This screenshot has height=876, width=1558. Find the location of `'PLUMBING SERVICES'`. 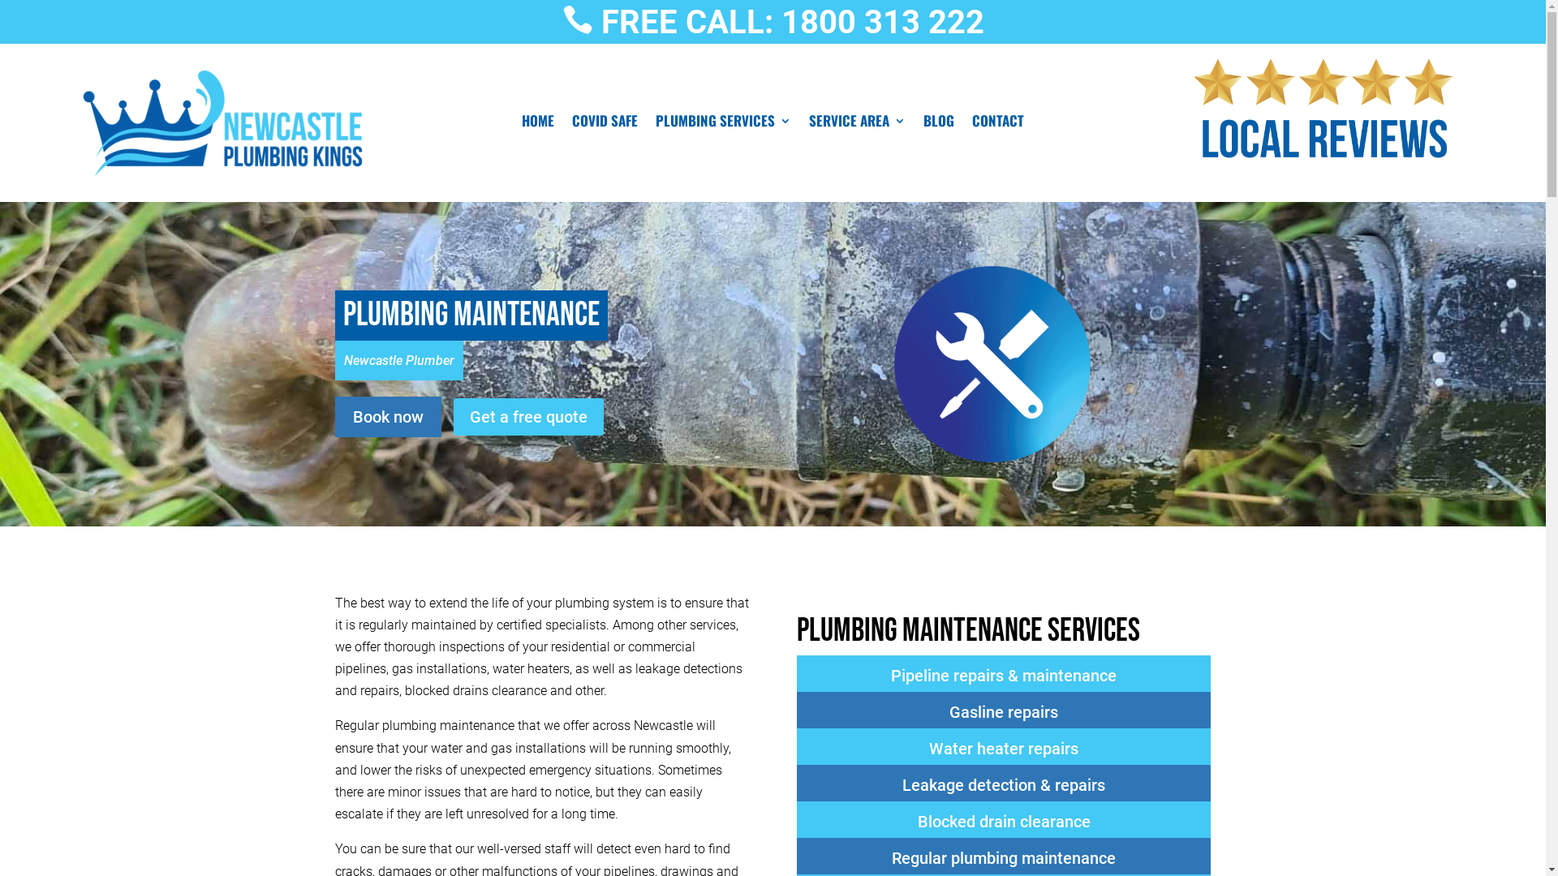

'PLUMBING SERVICES' is located at coordinates (655, 123).